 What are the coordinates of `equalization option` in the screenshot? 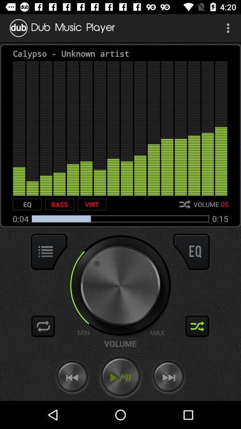 It's located at (191, 252).